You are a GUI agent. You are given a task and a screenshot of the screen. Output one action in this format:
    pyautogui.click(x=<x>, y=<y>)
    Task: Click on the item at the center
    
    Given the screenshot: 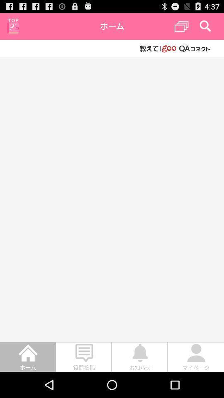 What is the action you would take?
    pyautogui.click(x=112, y=199)
    